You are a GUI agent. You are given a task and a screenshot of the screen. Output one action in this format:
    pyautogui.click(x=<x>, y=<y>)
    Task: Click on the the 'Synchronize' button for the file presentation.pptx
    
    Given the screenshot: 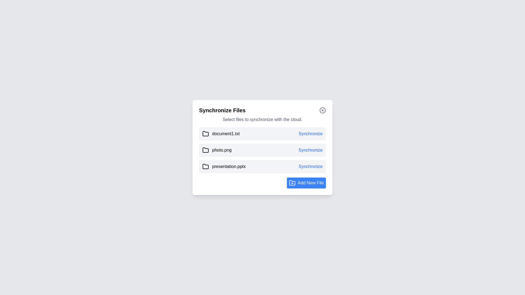 What is the action you would take?
    pyautogui.click(x=311, y=166)
    